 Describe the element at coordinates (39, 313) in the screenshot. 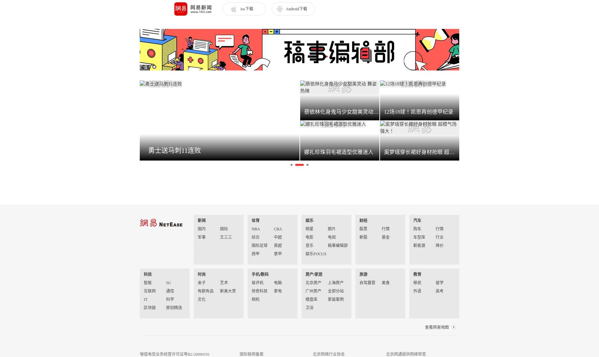

I see `'12场18球！凯恩再创德甲纪录'` at that location.